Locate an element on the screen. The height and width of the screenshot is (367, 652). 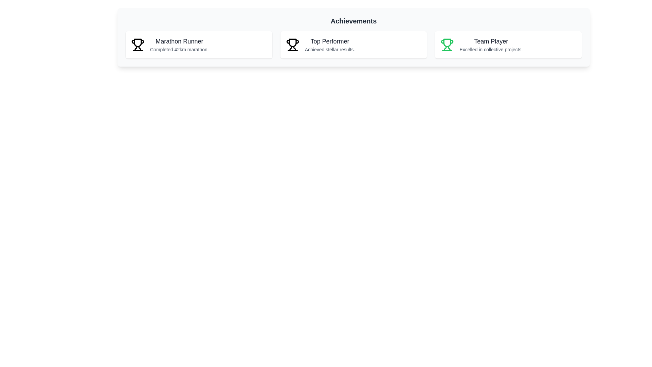
the trophy icon representing the 'Top Performer' achievement card, which is the primary component in the center of the achievements list in the second card from the left is located at coordinates (292, 43).